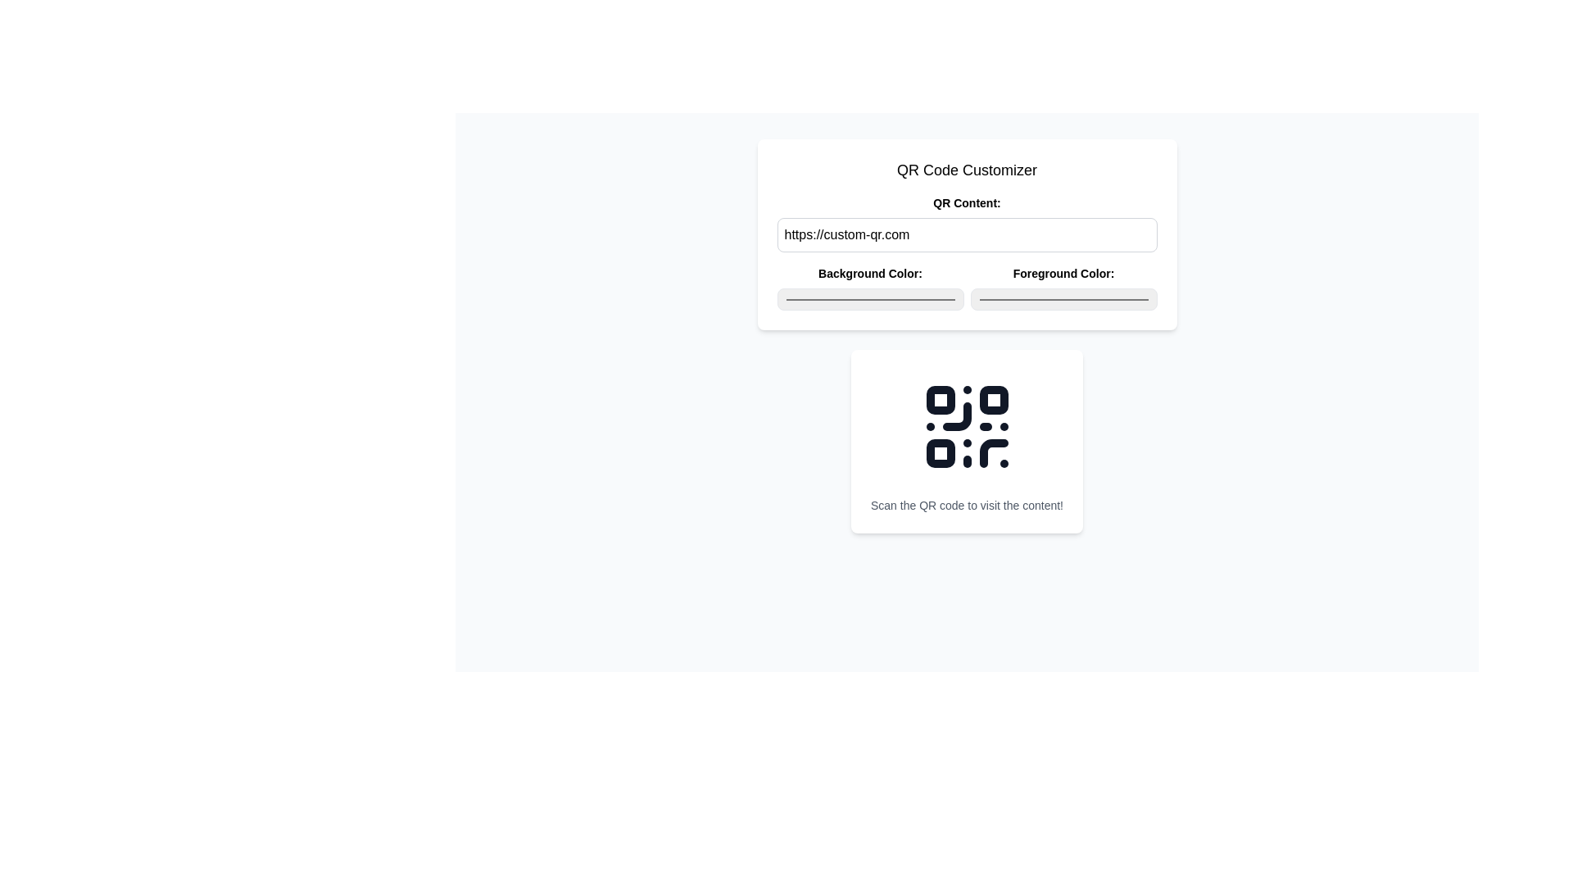  Describe the element at coordinates (967, 252) in the screenshot. I see `a background color from the color picker in the QR Code Customizer component, which is located centrally between the title text and the QR code preview area` at that location.